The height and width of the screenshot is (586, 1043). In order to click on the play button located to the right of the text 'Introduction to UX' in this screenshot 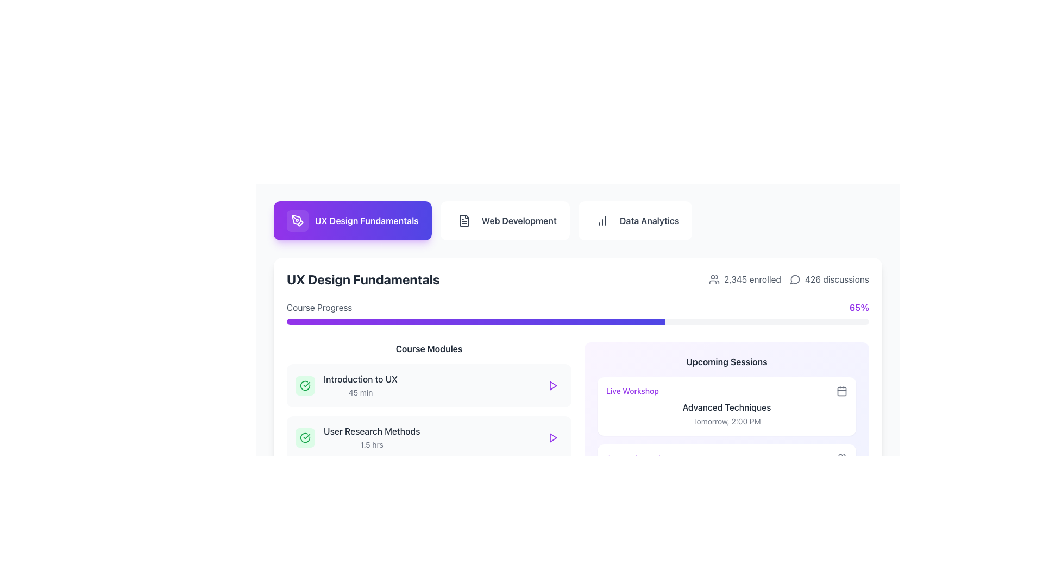, I will do `click(552, 385)`.